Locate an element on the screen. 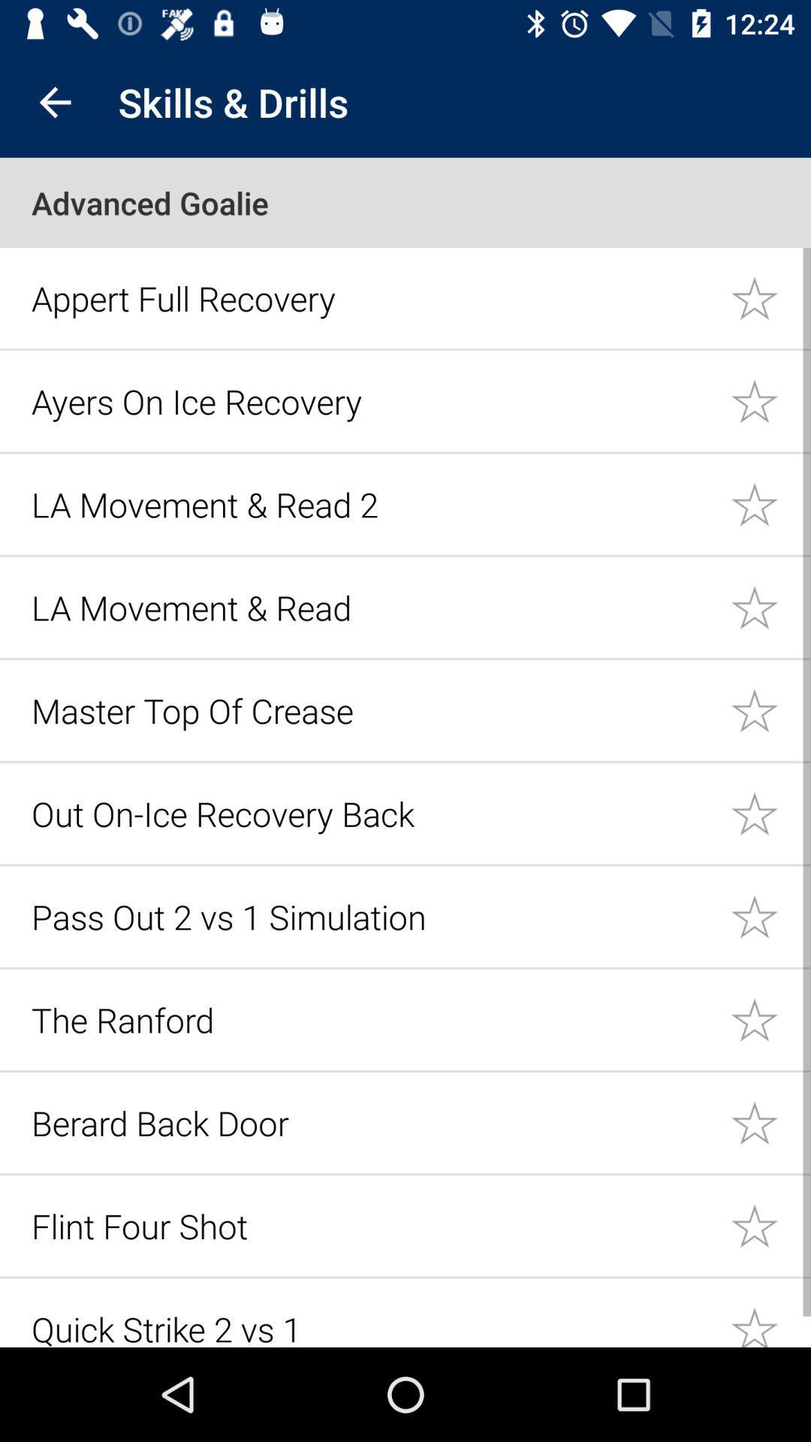  item is located at coordinates (770, 709).